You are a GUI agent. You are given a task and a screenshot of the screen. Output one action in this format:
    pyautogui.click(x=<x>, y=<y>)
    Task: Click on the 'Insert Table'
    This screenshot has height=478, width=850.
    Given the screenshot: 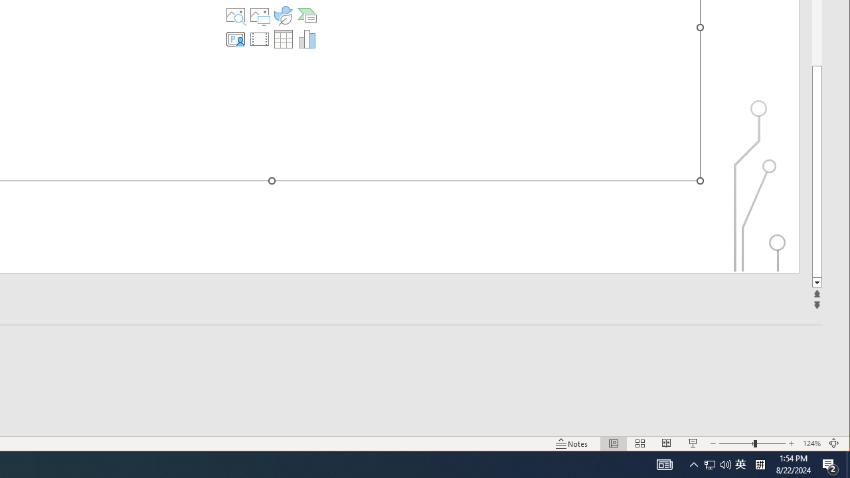 What is the action you would take?
    pyautogui.click(x=282, y=39)
    